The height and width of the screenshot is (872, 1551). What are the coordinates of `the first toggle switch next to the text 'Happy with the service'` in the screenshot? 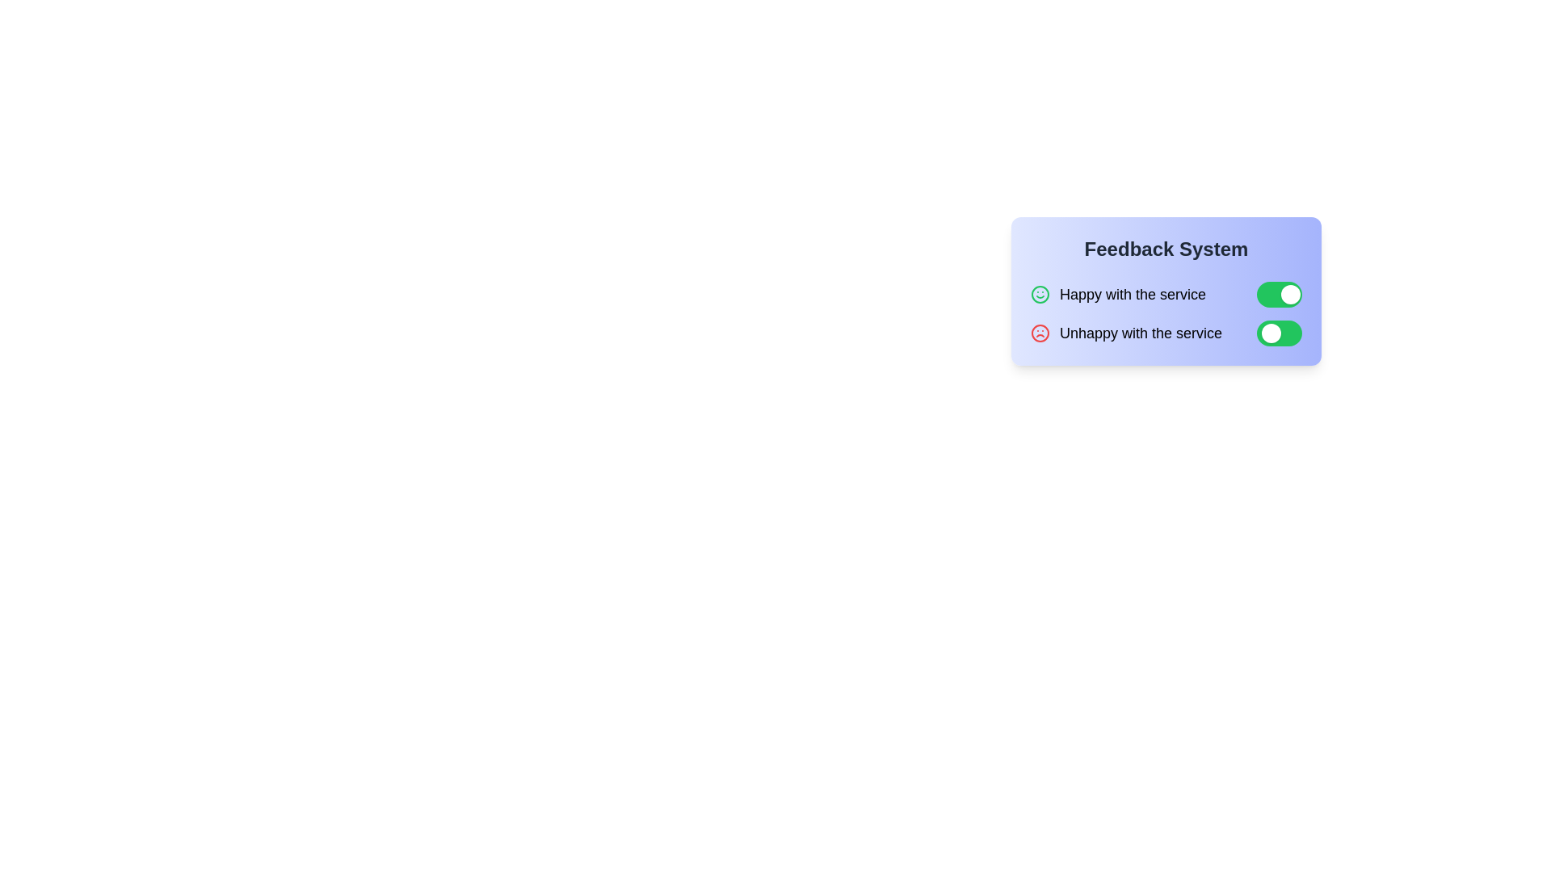 It's located at (1279, 295).